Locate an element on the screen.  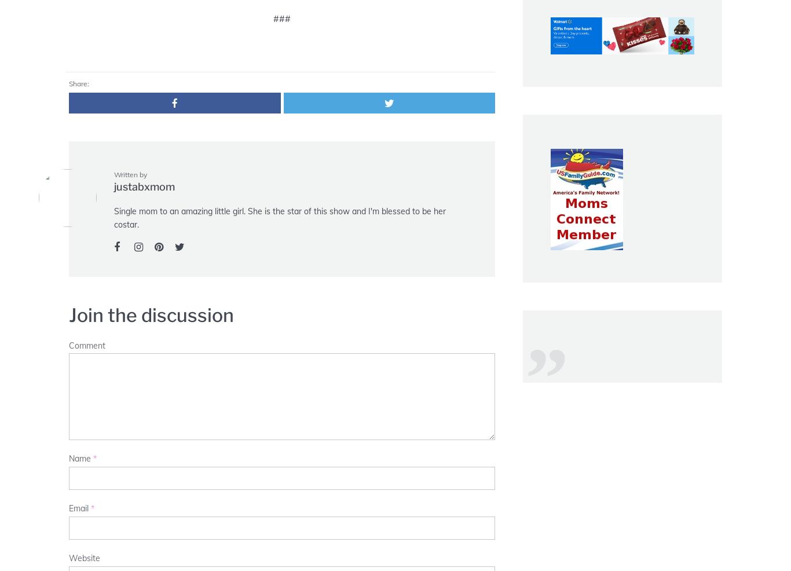
'Join the discussion' is located at coordinates (151, 314).